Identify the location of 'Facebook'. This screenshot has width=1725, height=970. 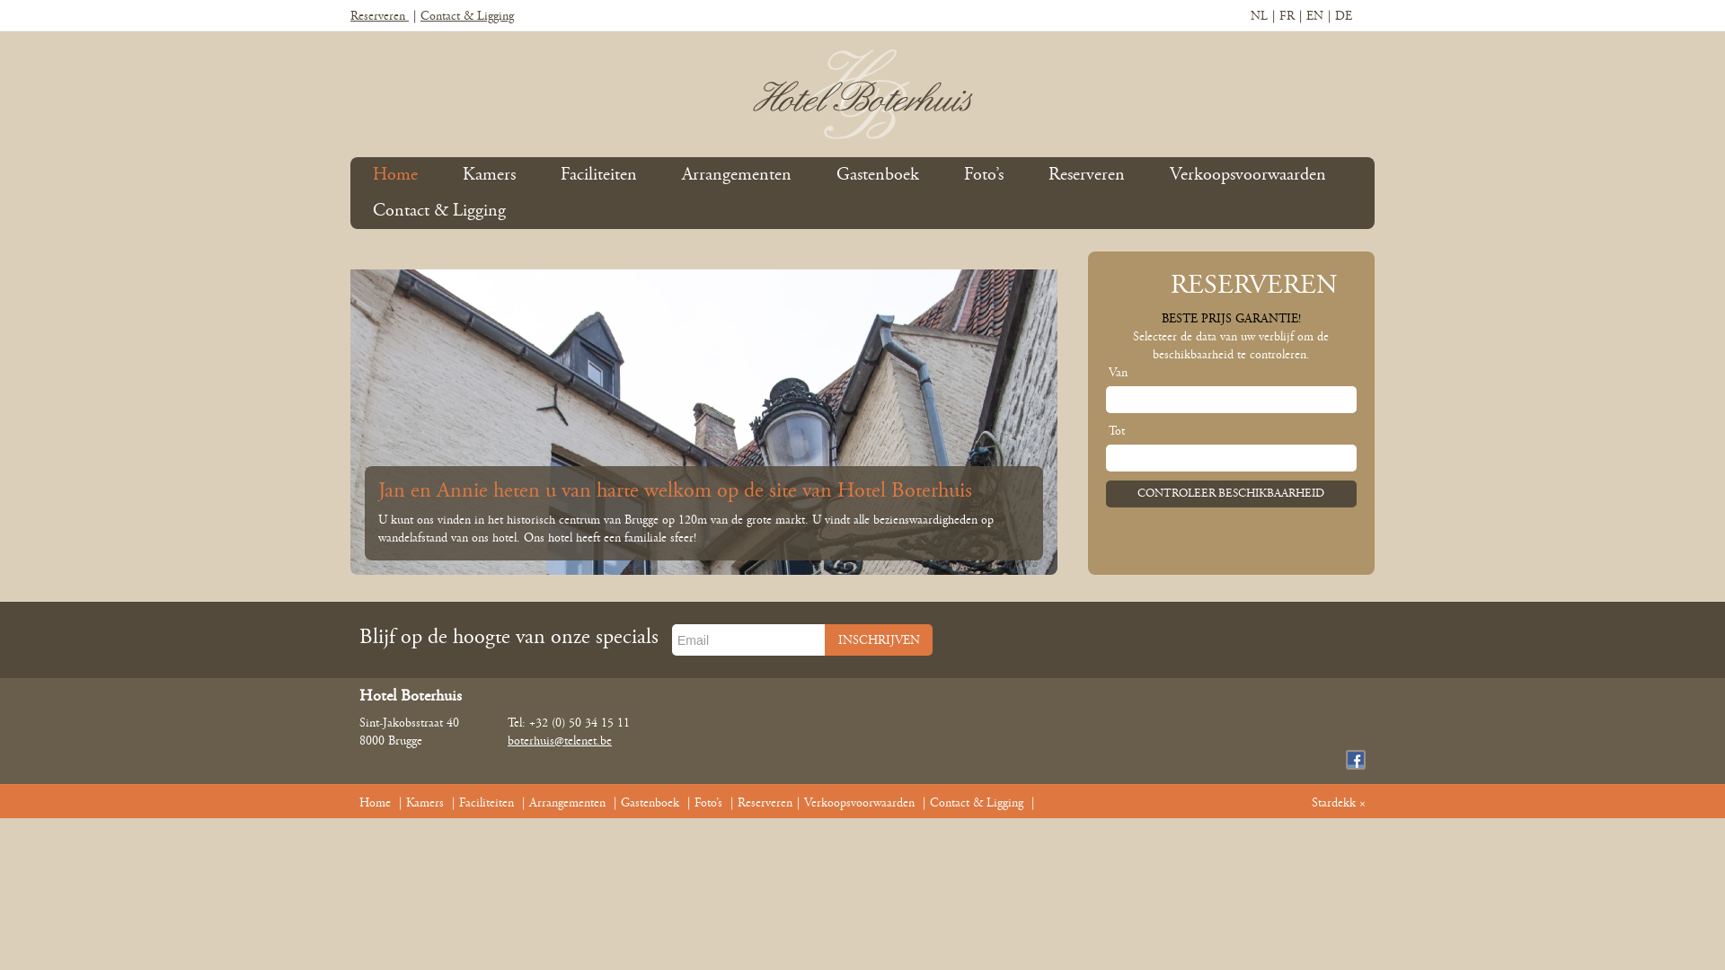
(1355, 759).